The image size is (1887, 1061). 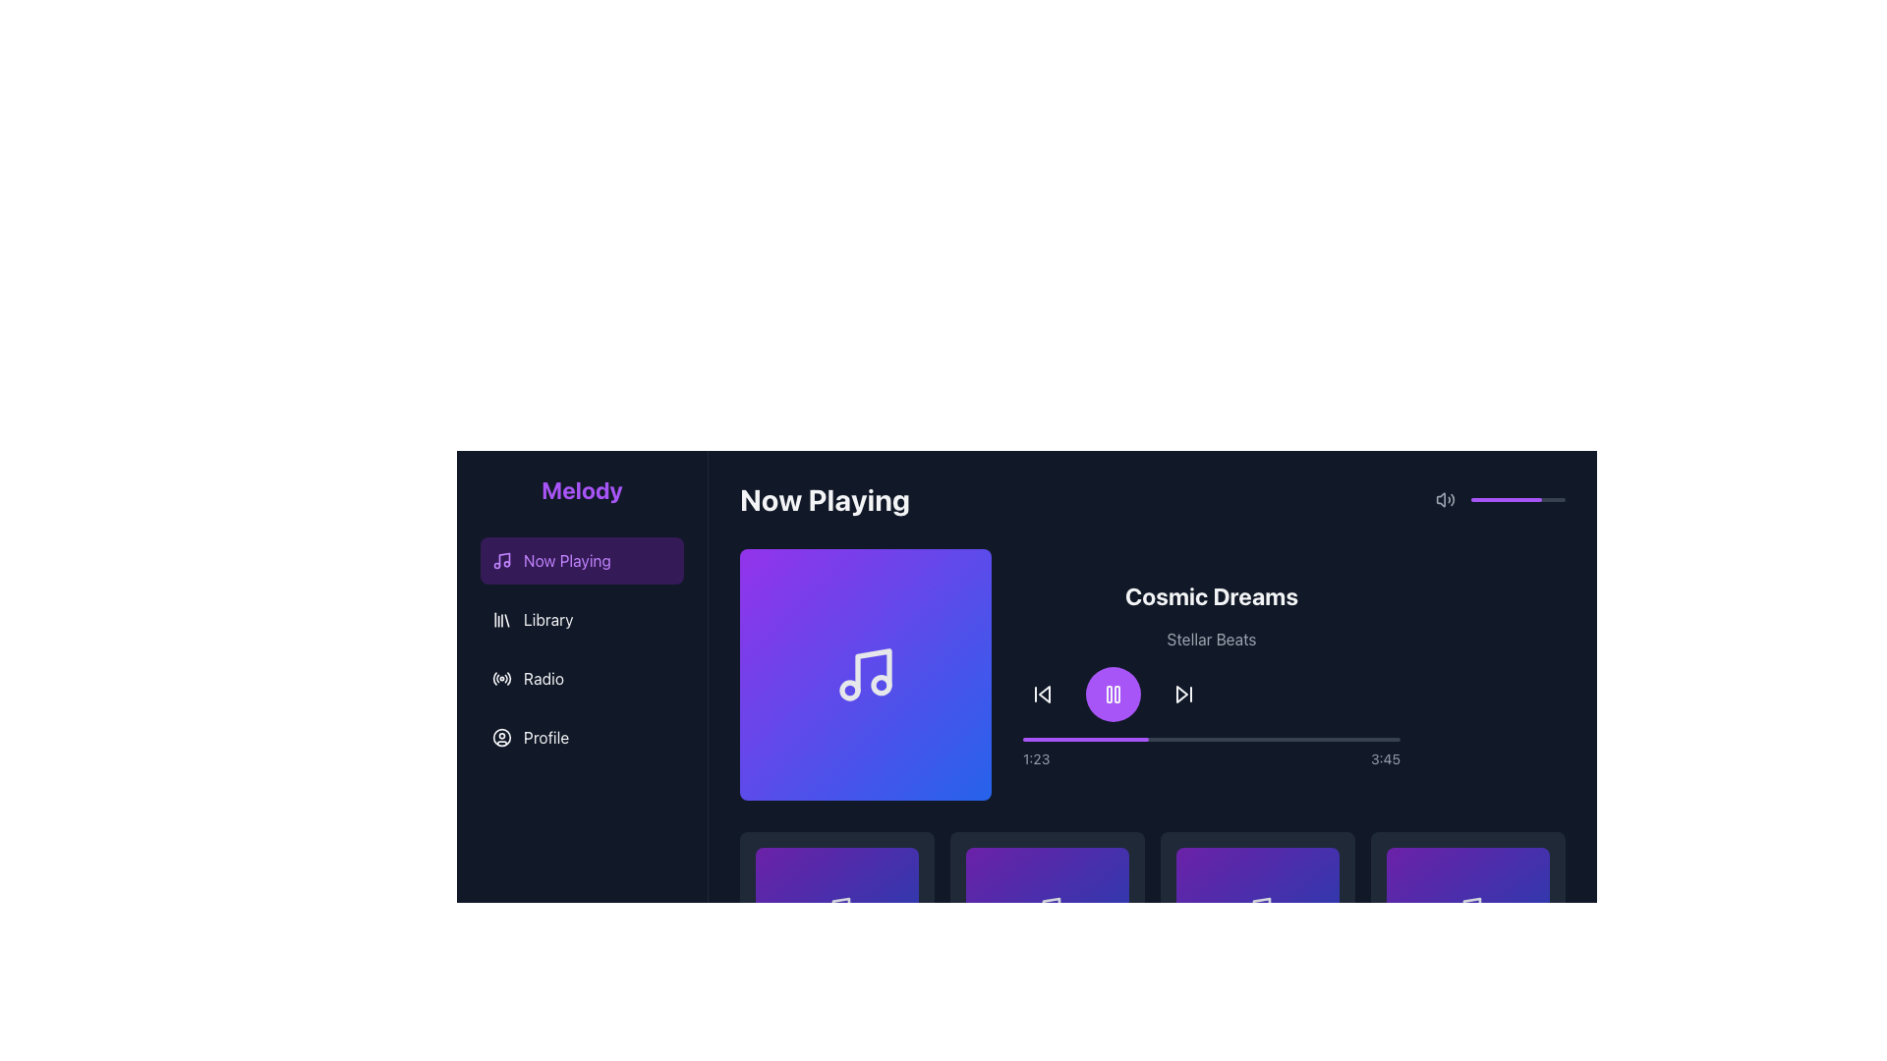 What do you see at coordinates (1041, 693) in the screenshot?
I see `the back-skip button, which is an icon with a triangular shape pointing left and a vertical line, located in the bottom-right section of the player controls in the 'Now Playing' interface` at bounding box center [1041, 693].